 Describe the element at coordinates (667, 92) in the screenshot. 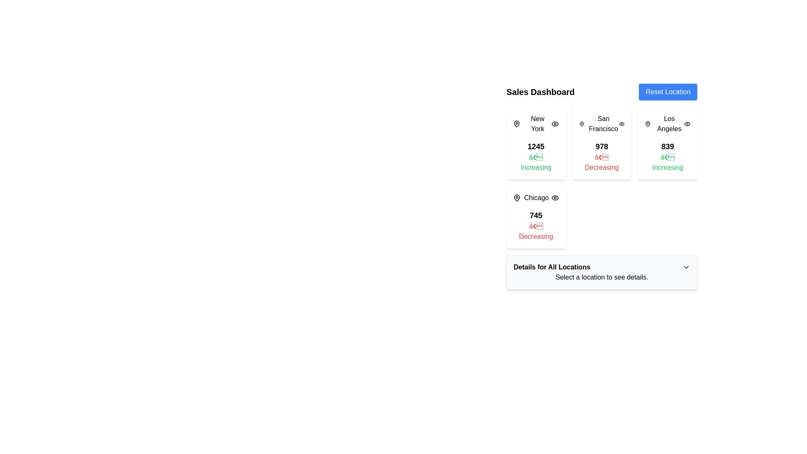

I see `the rectangular button with a blue background and white text labeled 'Reset Location' located on the right side of the 'Sales Dashboard' header` at that location.